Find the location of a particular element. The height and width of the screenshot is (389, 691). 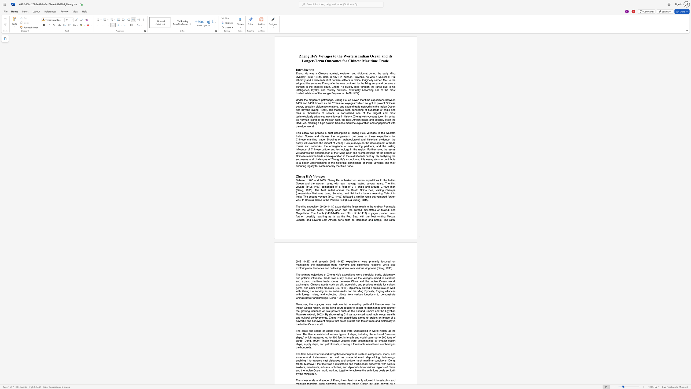

the space between the continuous character "l" and "l" in the text is located at coordinates (338, 357).